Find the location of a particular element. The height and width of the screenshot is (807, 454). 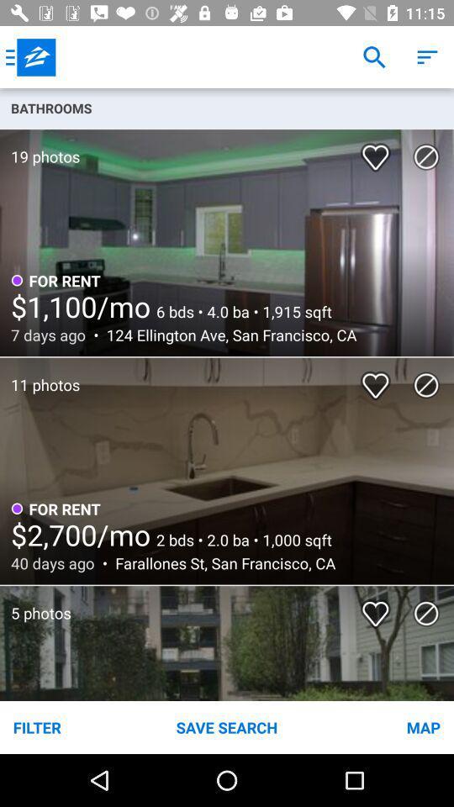

the map item is located at coordinates (377, 726).